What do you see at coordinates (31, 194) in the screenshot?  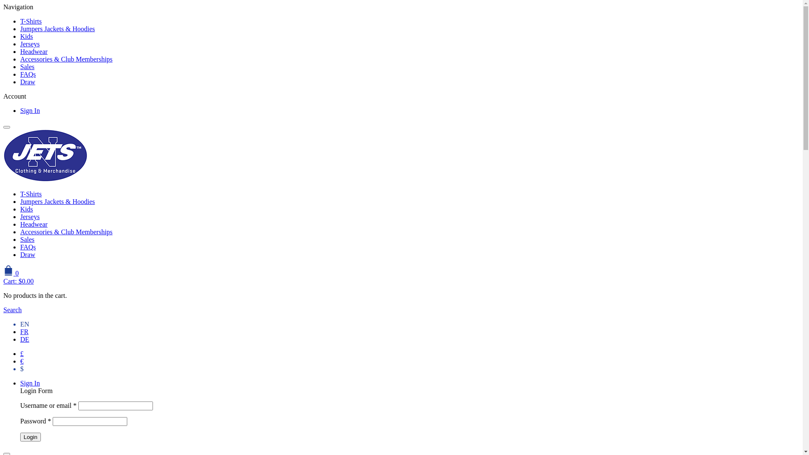 I see `'T-Shirts'` at bounding box center [31, 194].